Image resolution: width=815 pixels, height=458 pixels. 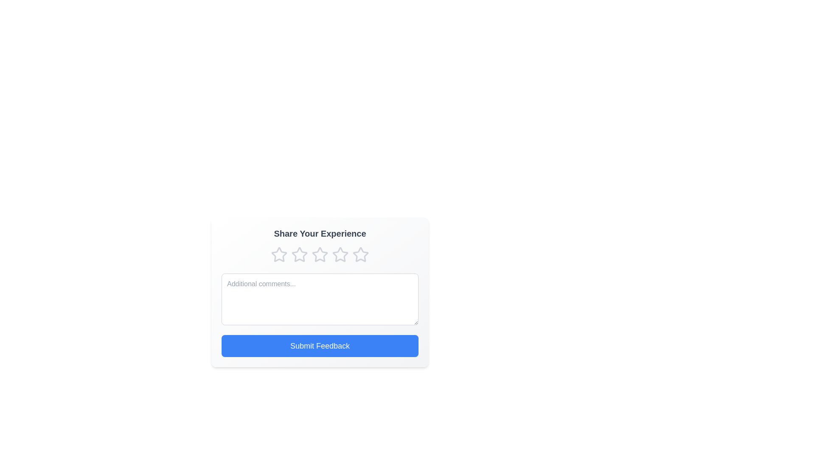 I want to click on the 'Submit Feedback' button, which is a rectangular button with rounded corners and a bright blue background, to observe the hover effect that changes the background to a slightly darker blue, so click(x=319, y=346).